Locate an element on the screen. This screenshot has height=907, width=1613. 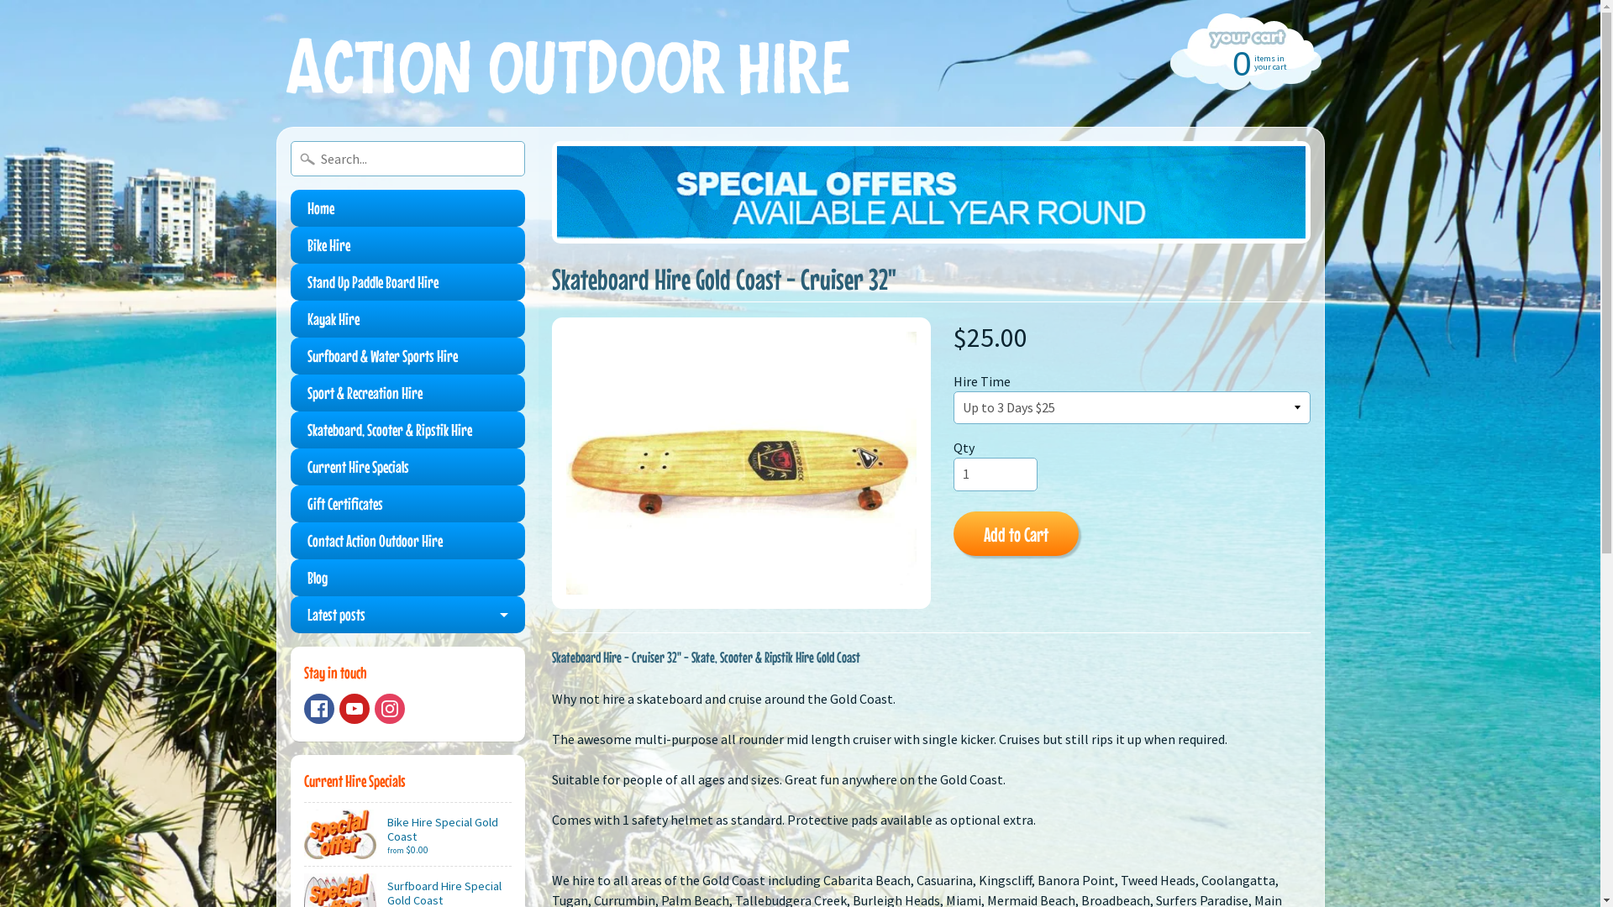
'Youtube' is located at coordinates (354, 709).